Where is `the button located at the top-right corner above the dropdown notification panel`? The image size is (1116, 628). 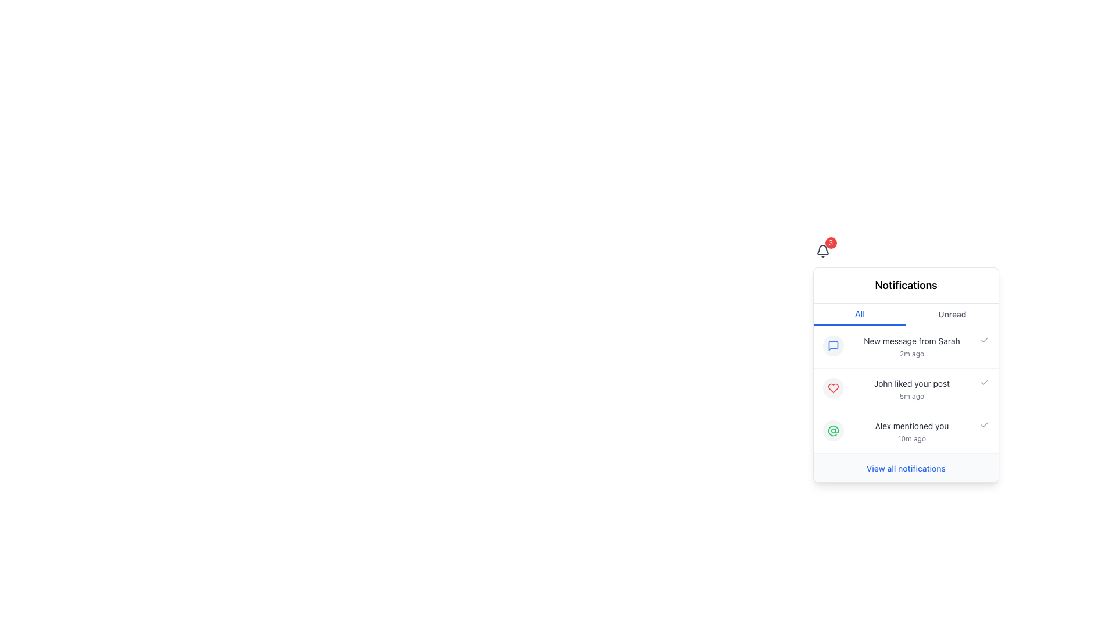 the button located at the top-right corner above the dropdown notification panel is located at coordinates (822, 251).